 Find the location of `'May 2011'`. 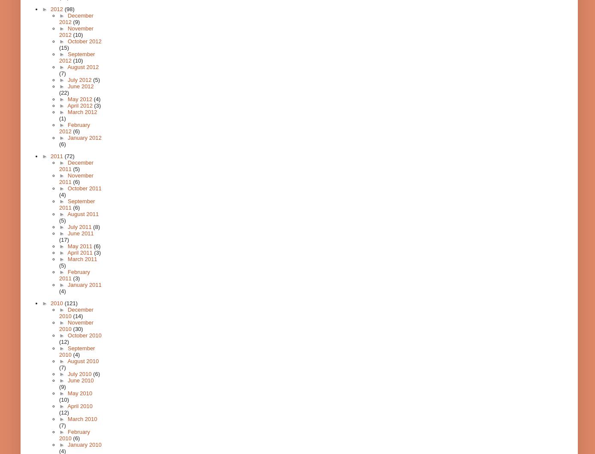

'May 2011' is located at coordinates (80, 246).